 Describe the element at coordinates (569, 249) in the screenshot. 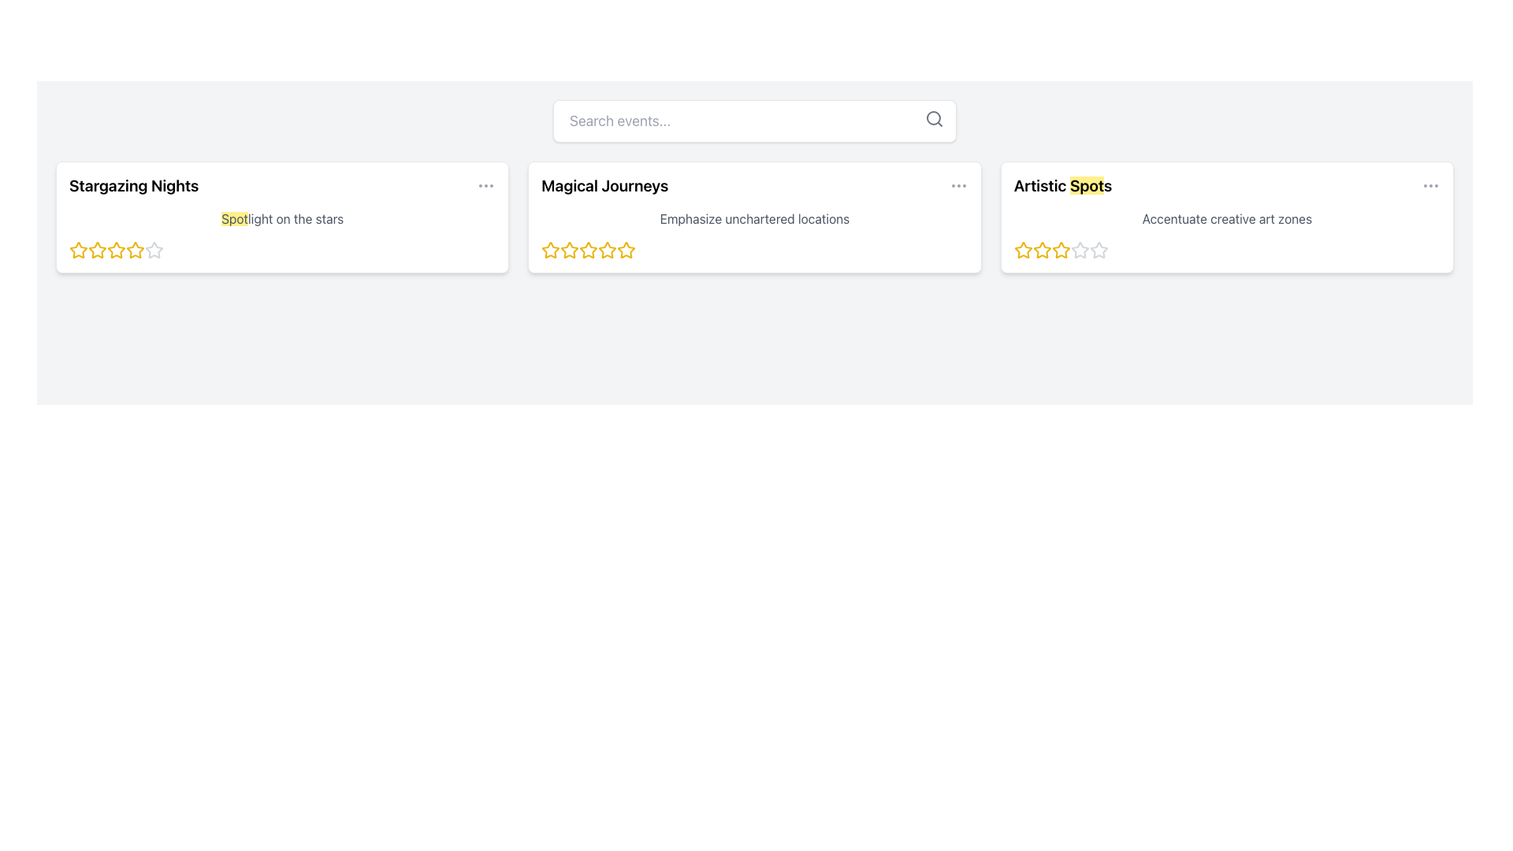

I see `the first yellow star icon in the rating system below the 'Magical Journeys' headline` at that location.